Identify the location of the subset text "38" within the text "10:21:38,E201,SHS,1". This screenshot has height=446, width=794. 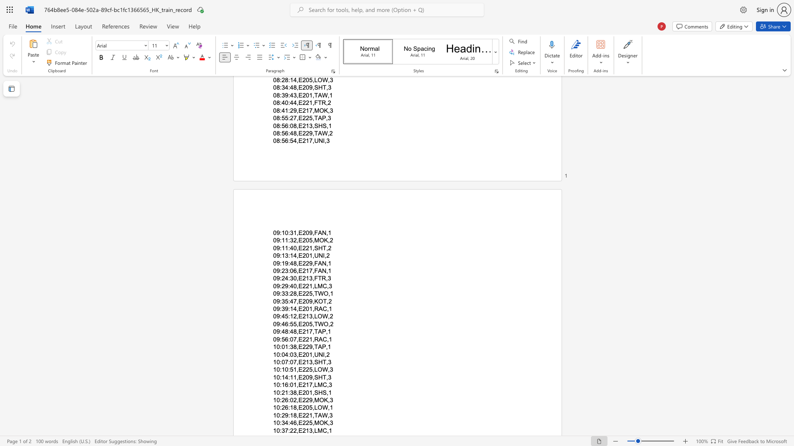
(290, 392).